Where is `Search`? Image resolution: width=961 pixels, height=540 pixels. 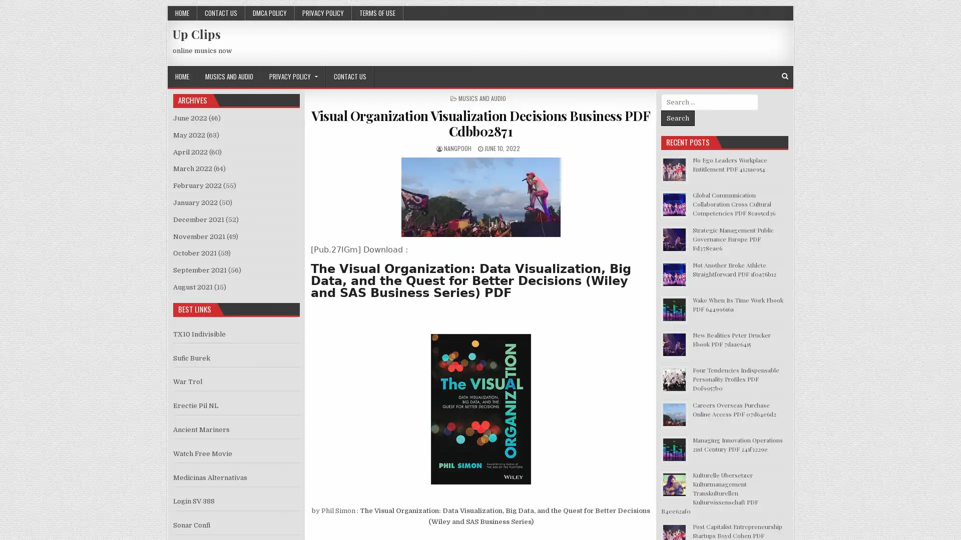 Search is located at coordinates (678, 117).